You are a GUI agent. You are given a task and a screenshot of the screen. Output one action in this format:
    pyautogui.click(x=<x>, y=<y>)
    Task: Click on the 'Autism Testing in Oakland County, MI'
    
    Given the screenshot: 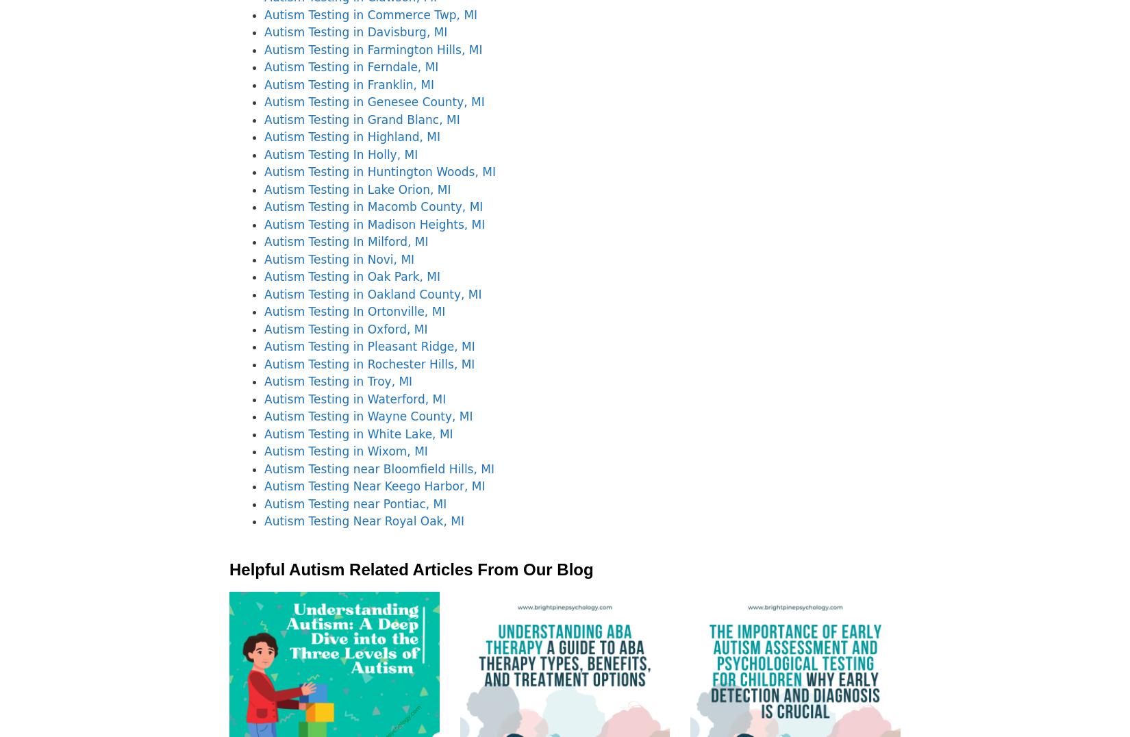 What is the action you would take?
    pyautogui.click(x=372, y=294)
    